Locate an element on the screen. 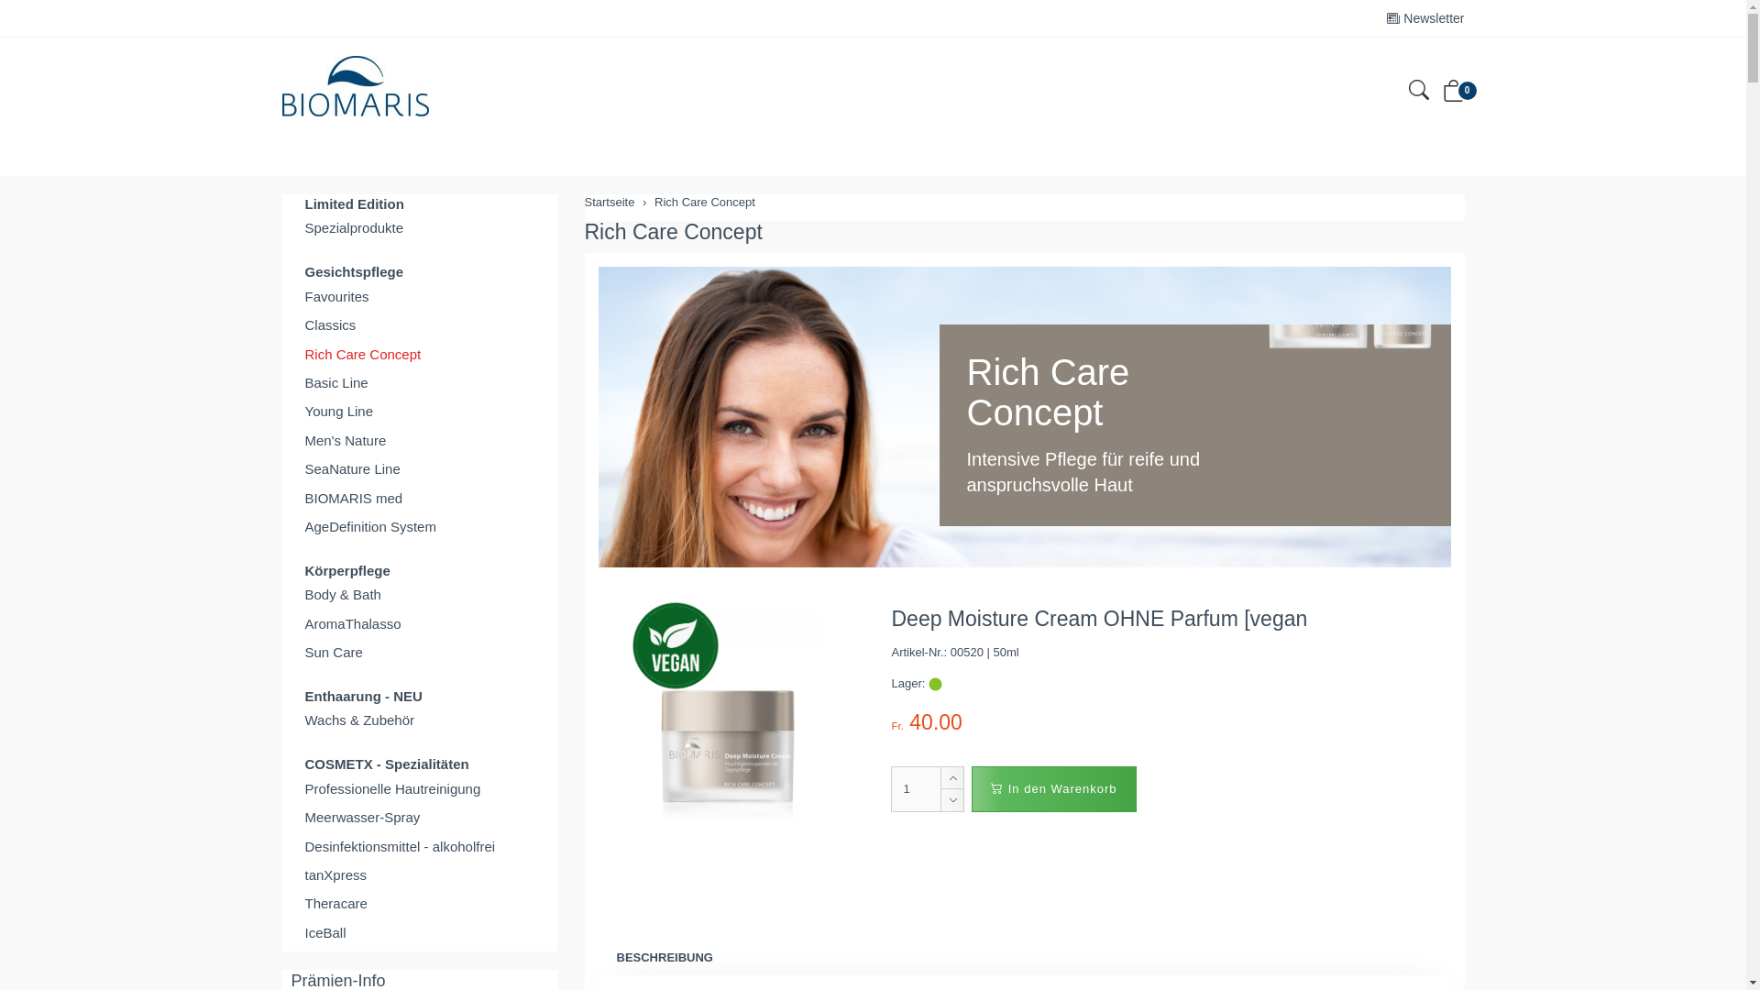  'AromaThalasso' is located at coordinates (418, 622).